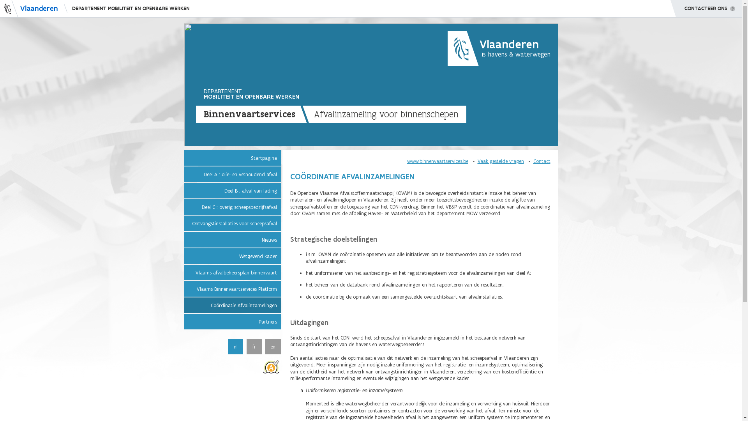 The width and height of the screenshot is (748, 421). I want to click on 'Nieuws', so click(231, 239).